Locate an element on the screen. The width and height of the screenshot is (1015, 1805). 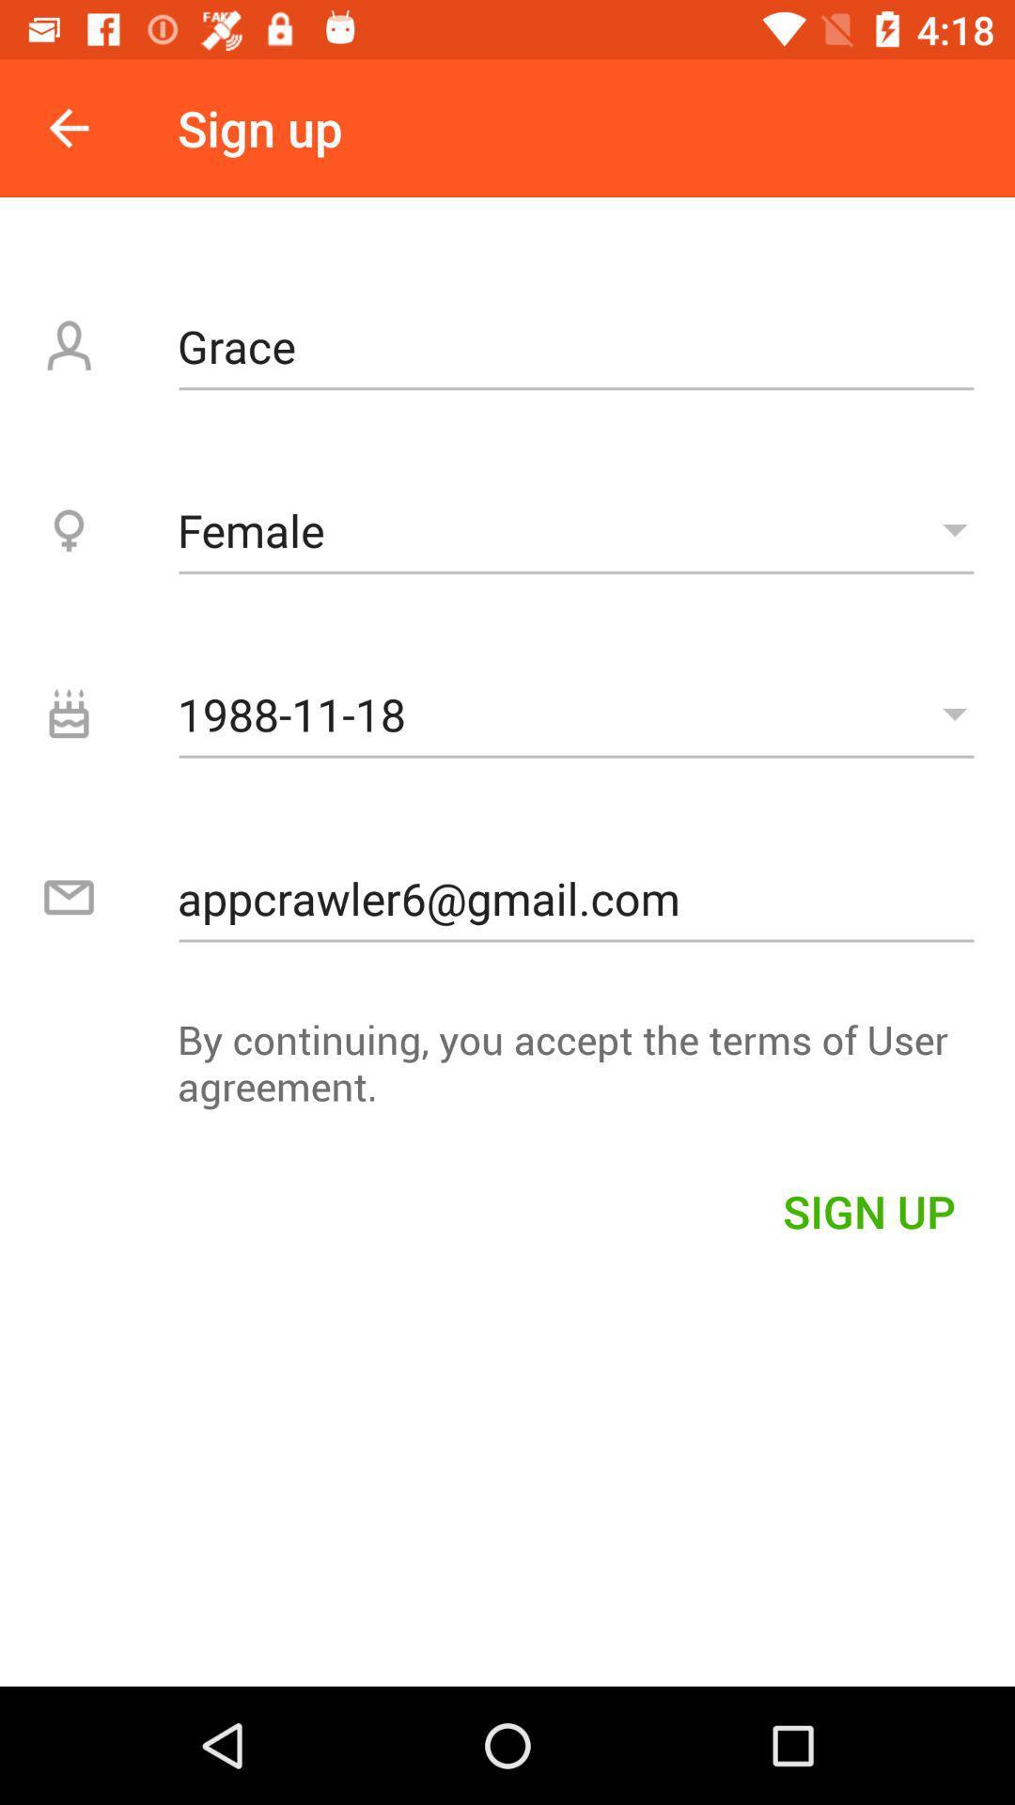
icon below sign up is located at coordinates (575, 346).